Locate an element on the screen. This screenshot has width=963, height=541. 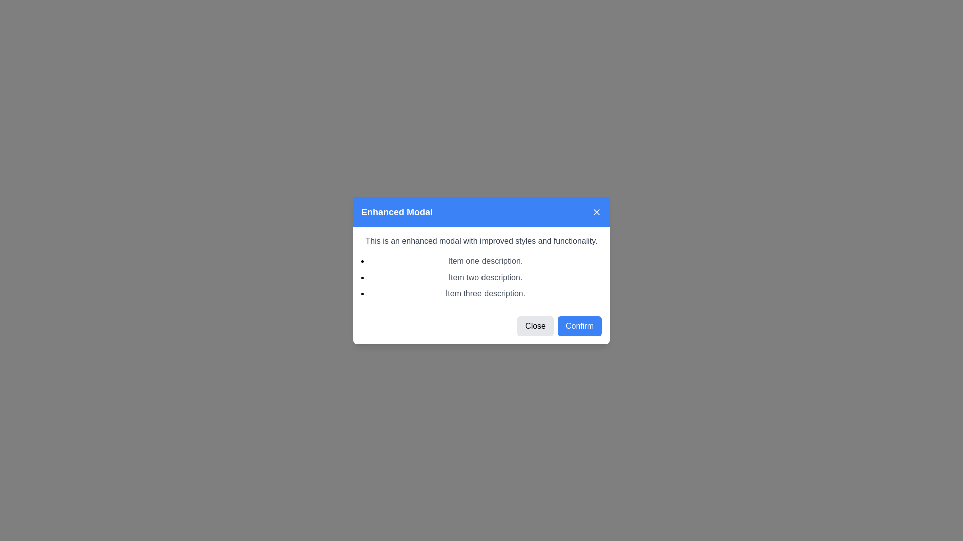
the 'Close' button located at the bottom-right corner of the modal overlay is located at coordinates (535, 326).